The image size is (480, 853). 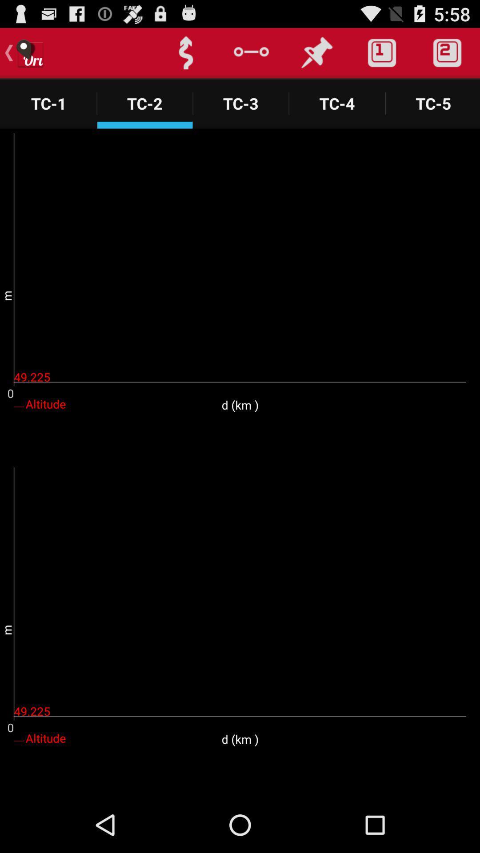 What do you see at coordinates (381, 52) in the screenshot?
I see `app above tc-4` at bounding box center [381, 52].